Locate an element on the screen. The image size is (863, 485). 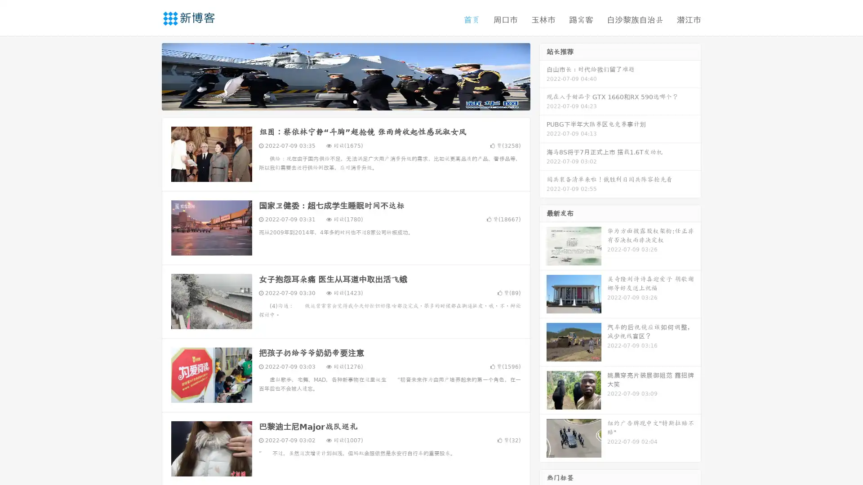
Go to slide 2 is located at coordinates (345, 101).